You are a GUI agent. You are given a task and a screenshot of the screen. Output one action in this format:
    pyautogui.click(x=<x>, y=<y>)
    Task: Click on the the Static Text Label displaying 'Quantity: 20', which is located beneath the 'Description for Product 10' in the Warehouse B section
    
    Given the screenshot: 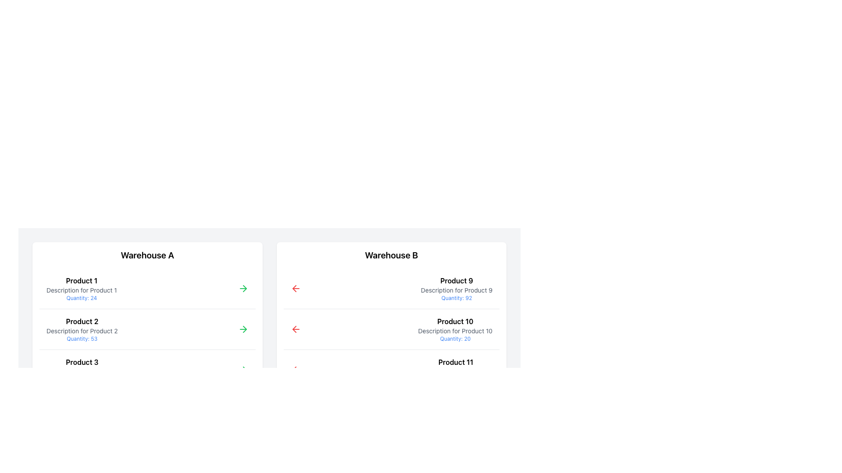 What is the action you would take?
    pyautogui.click(x=455, y=339)
    